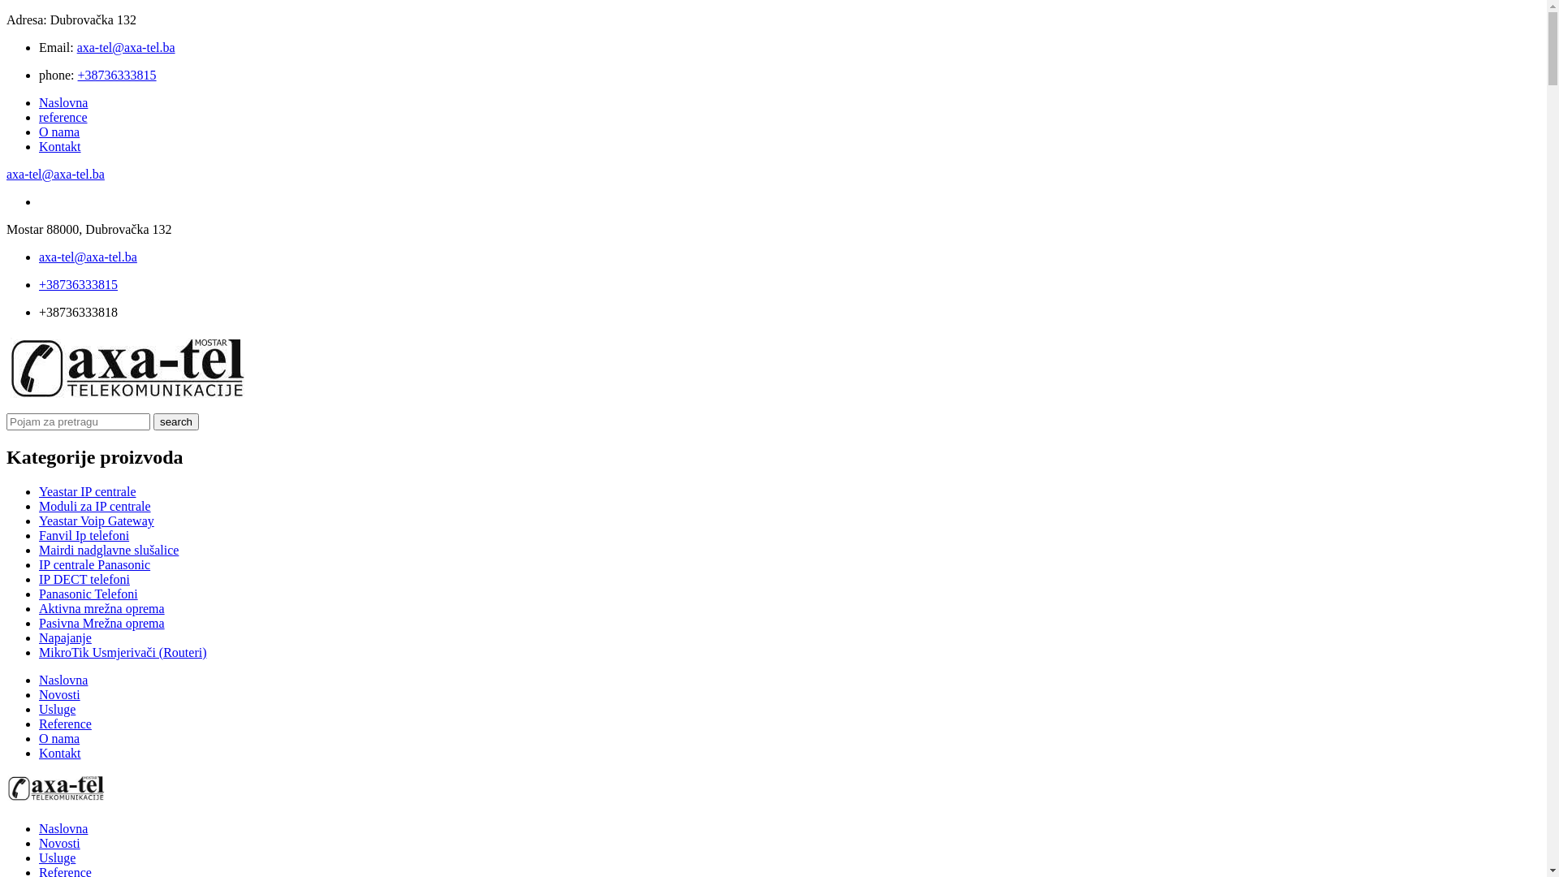  I want to click on '+38736333818', so click(77, 312).